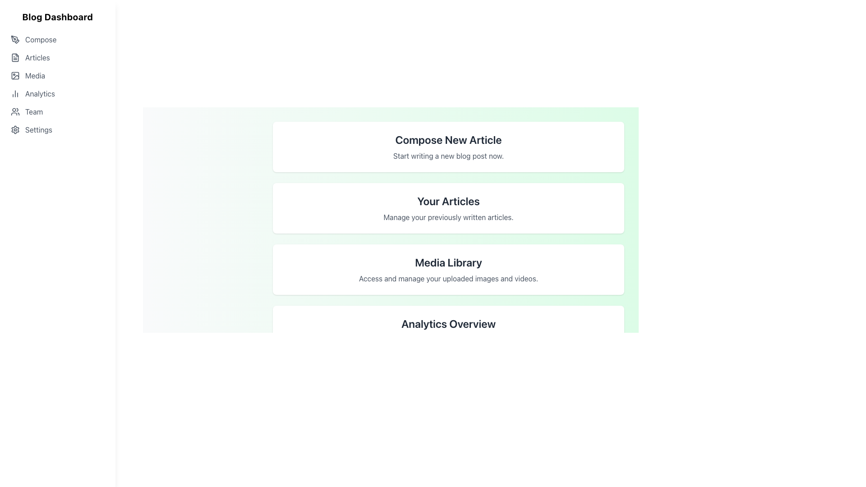 The height and width of the screenshot is (487, 866). I want to click on the text label styled with a medium-sized gray font reading 'Manage your previously written articles.', which is located under the 'Your Articles' heading, so click(448, 217).